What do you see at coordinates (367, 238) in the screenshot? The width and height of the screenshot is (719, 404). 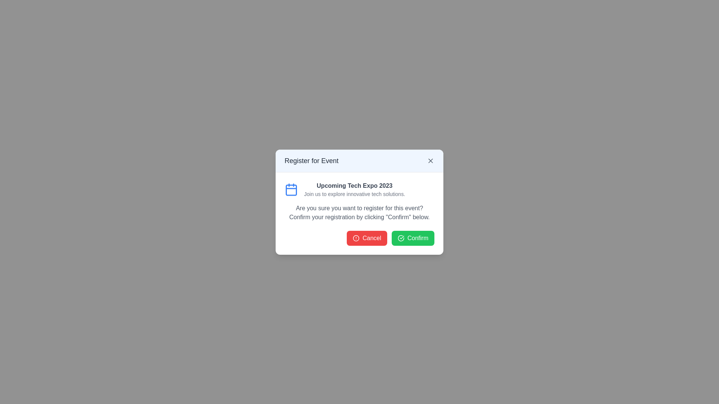 I see `the cancel registration button located at the bottom center of the dialog box` at bounding box center [367, 238].